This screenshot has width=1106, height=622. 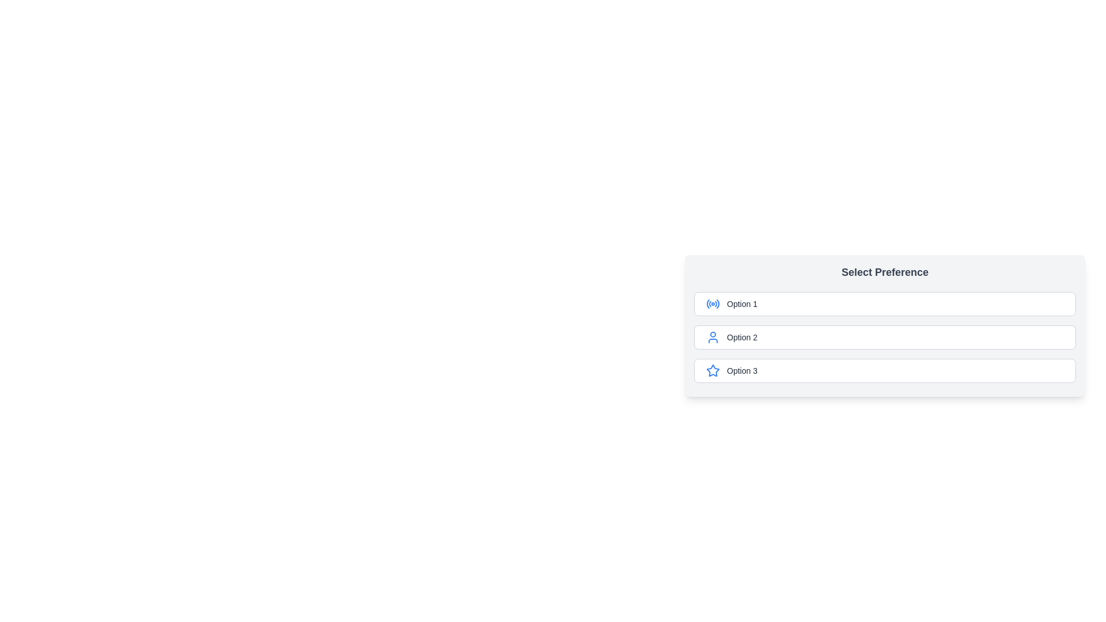 What do you see at coordinates (713, 370) in the screenshot?
I see `the blue star icon located in the last option row labeled 'Option 3'` at bounding box center [713, 370].